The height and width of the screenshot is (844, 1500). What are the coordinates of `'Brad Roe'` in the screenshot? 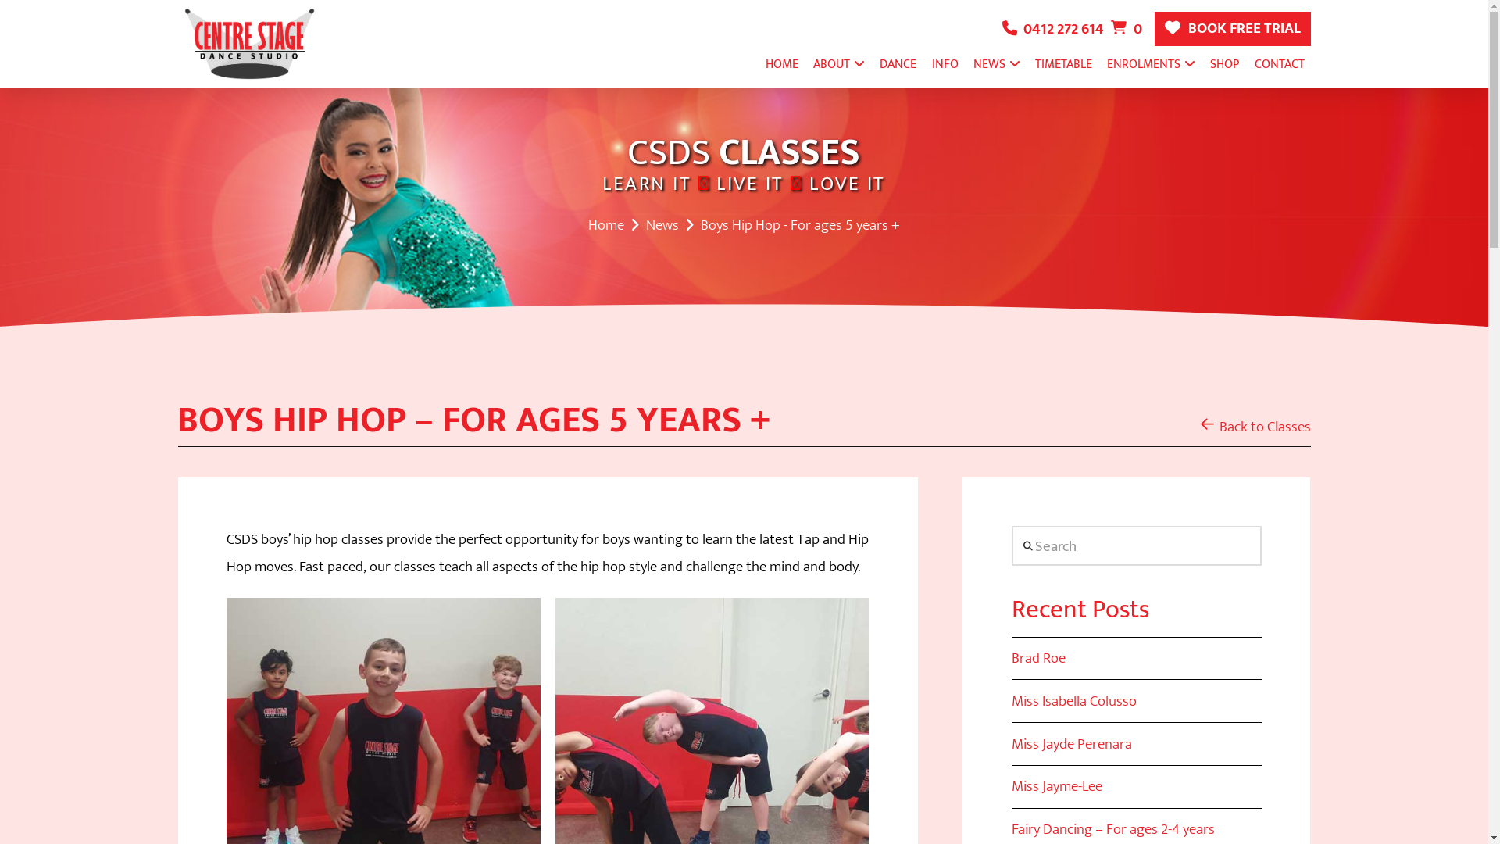 It's located at (1038, 657).